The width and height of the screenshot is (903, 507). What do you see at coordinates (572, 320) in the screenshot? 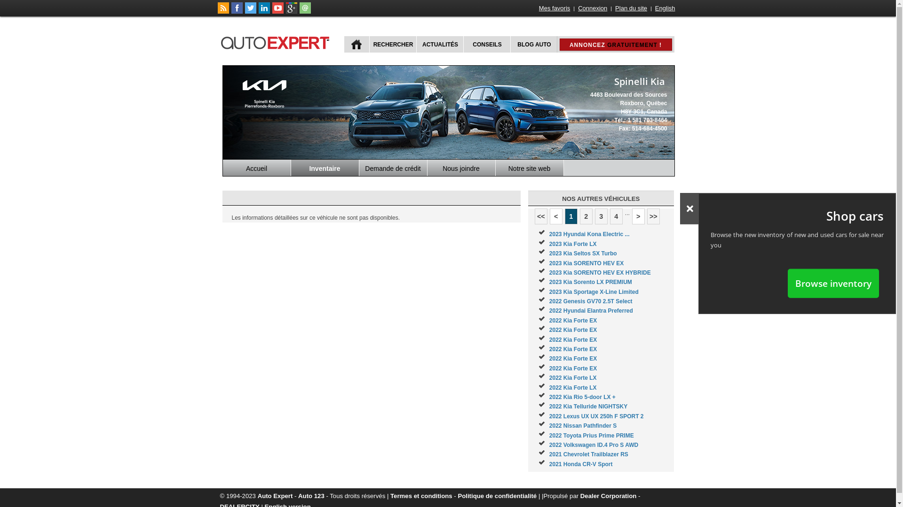
I see `'2022 Kia Forte EX'` at bounding box center [572, 320].